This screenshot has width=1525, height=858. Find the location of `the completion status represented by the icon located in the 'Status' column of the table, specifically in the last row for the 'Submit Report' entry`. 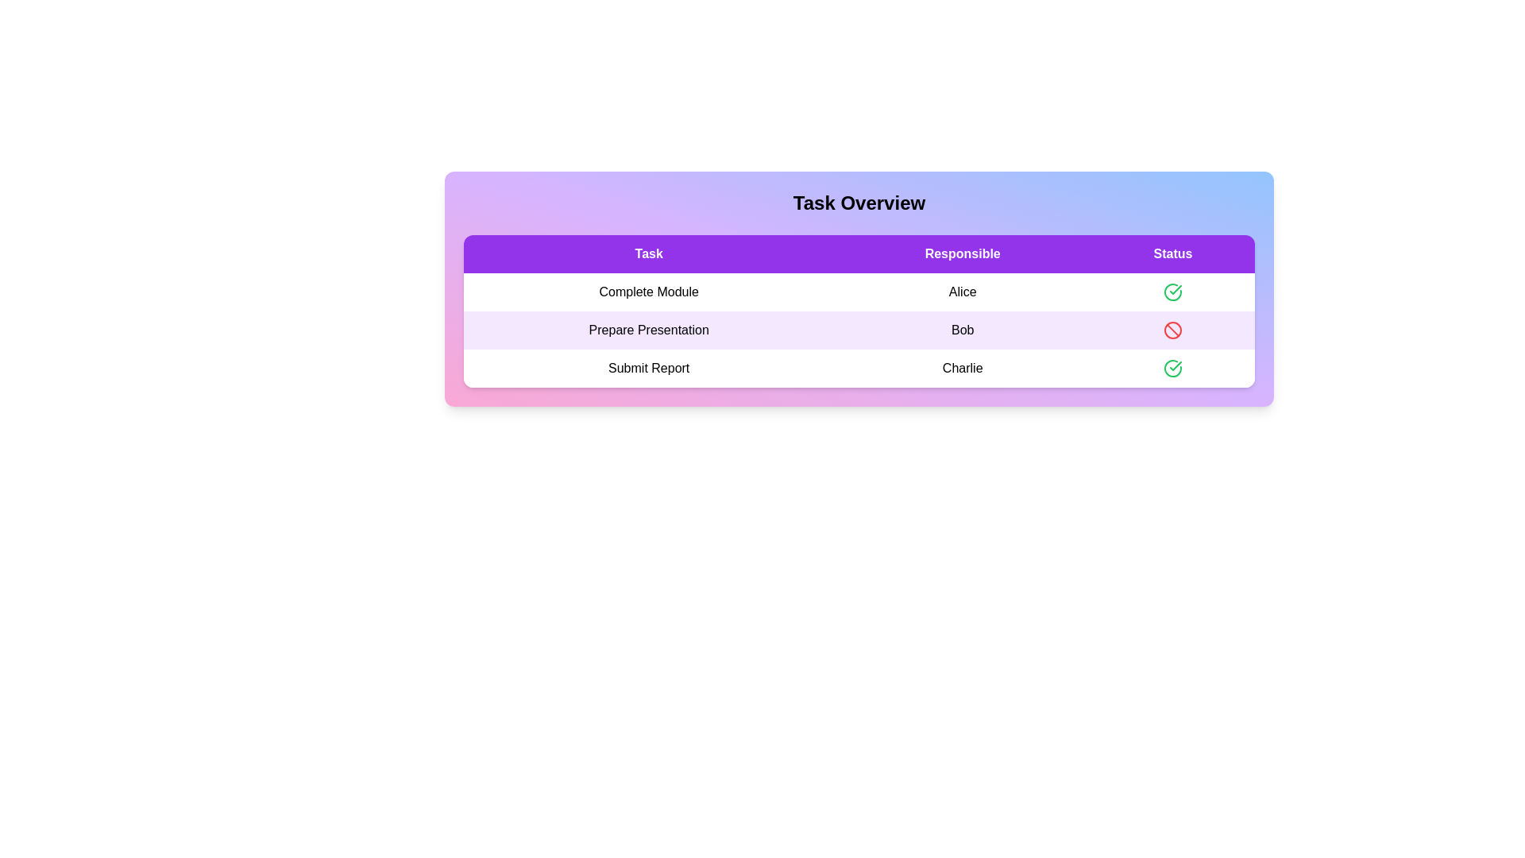

the completion status represented by the icon located in the 'Status' column of the table, specifically in the last row for the 'Submit Report' entry is located at coordinates (1173, 368).